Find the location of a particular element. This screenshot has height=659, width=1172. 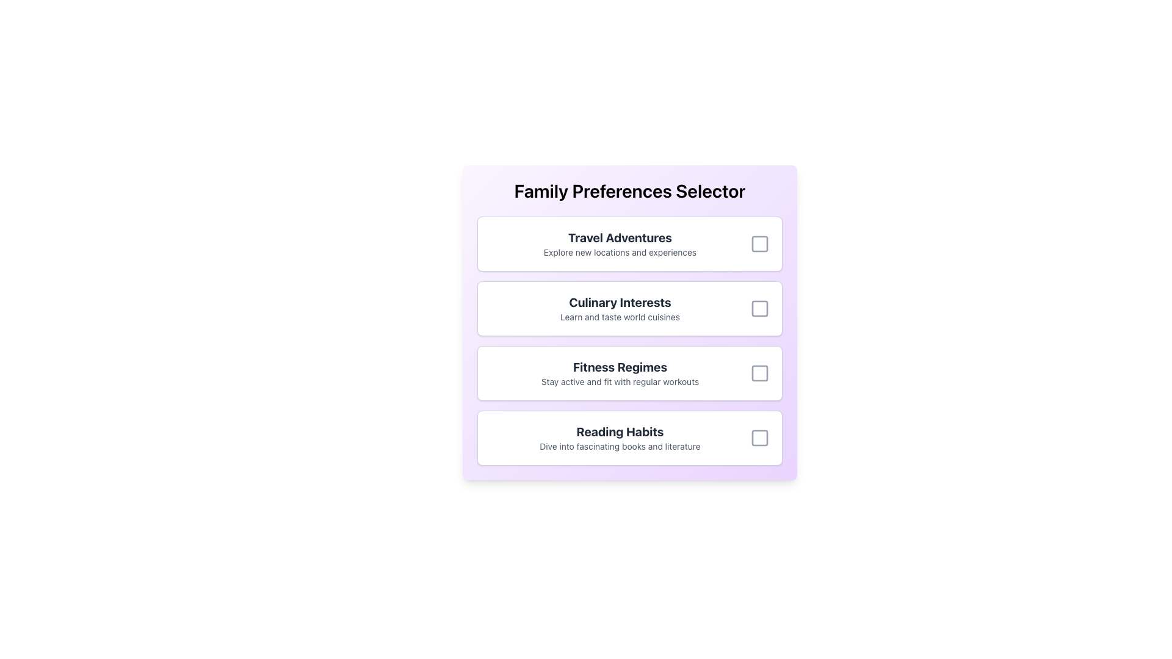

the text label providing descriptive information about the 'Culinary Interests' option, which is centrally located beneath the bolded title in the interface is located at coordinates (620, 317).